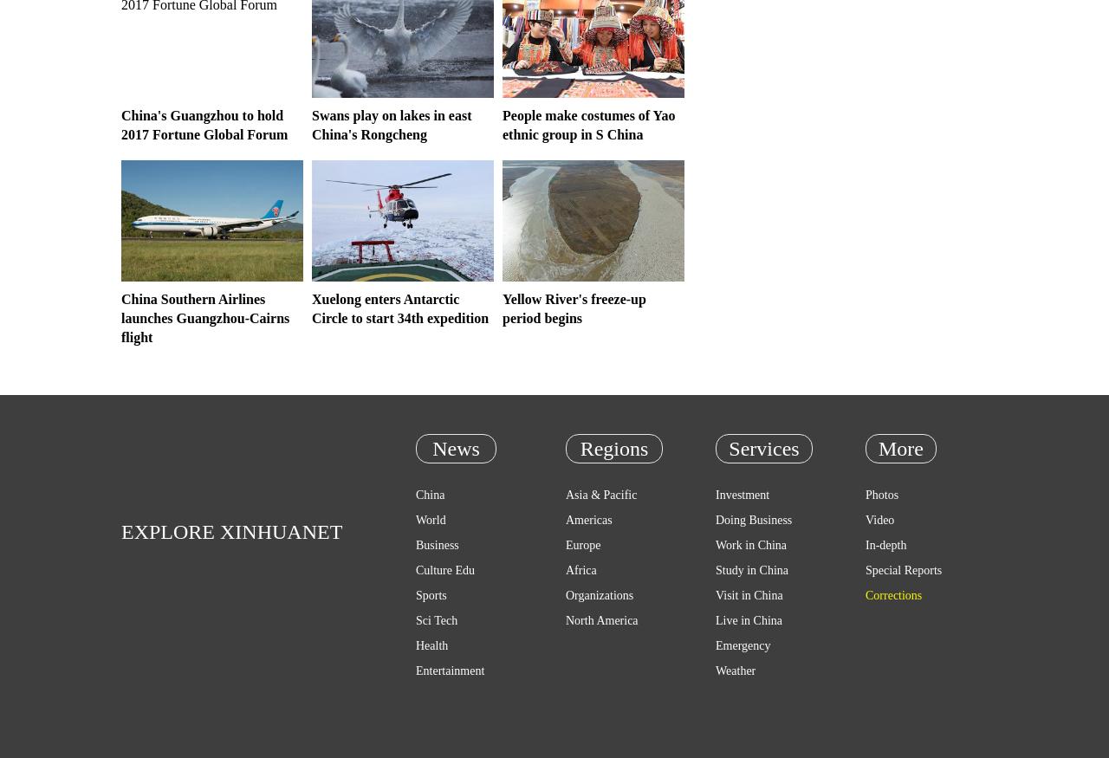 The image size is (1109, 758). What do you see at coordinates (390, 124) in the screenshot?
I see `'Swans play on lakes in east China's Rongcheng'` at bounding box center [390, 124].